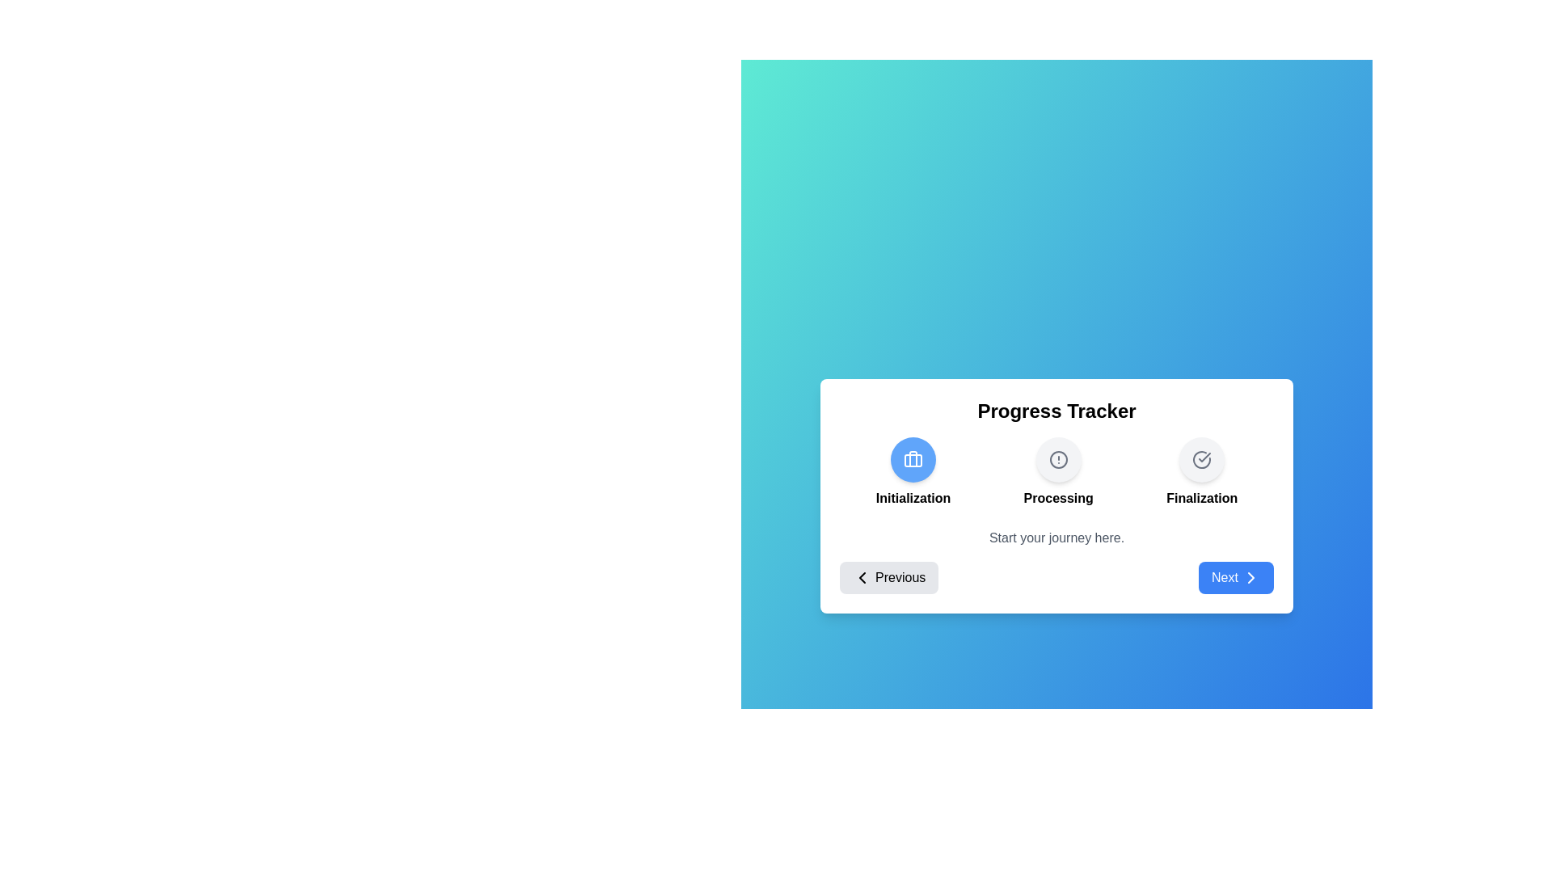  Describe the element at coordinates (1058, 459) in the screenshot. I see `the step Processing to activate it` at that location.